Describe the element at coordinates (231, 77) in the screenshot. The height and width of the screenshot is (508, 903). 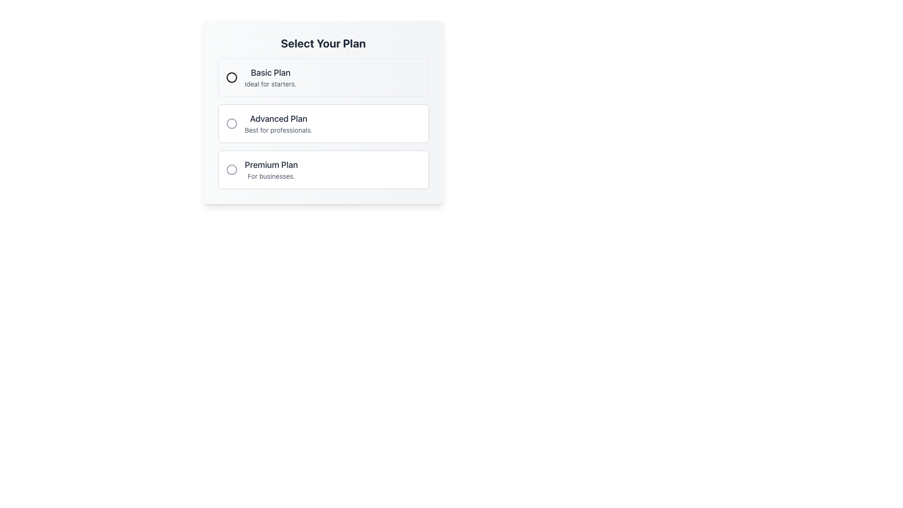
I see `the circular Radio Button Icon with a blue border and white center` at that location.